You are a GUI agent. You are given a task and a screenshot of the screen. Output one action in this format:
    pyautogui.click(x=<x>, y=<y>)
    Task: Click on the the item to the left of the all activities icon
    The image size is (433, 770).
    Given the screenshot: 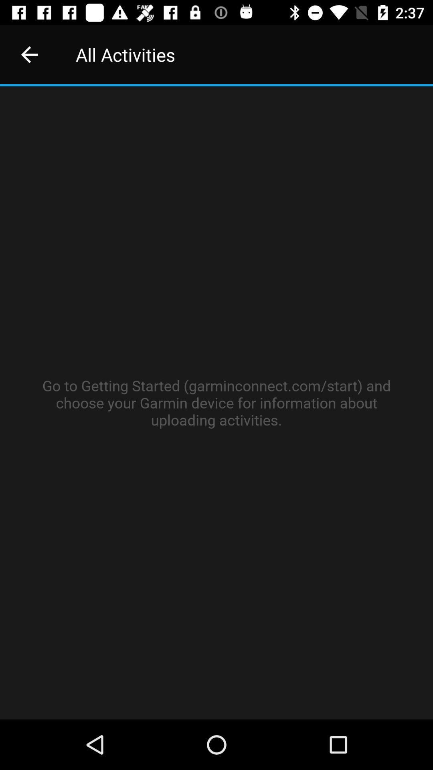 What is the action you would take?
    pyautogui.click(x=29, y=54)
    